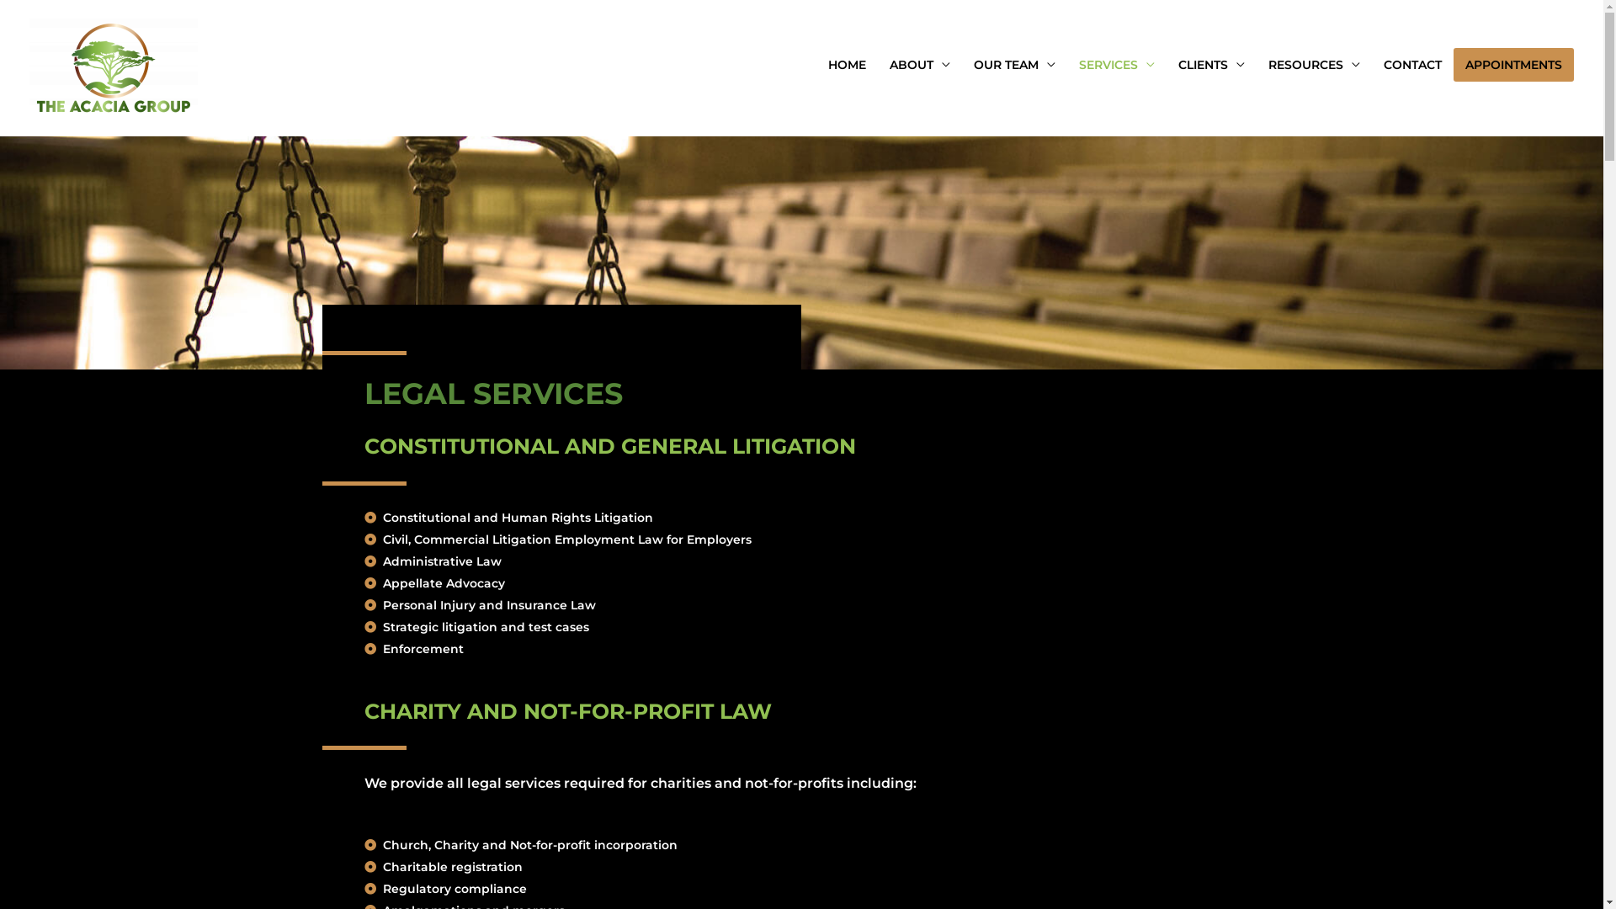 The image size is (1616, 909). I want to click on 'RESOURCES', so click(1256, 64).